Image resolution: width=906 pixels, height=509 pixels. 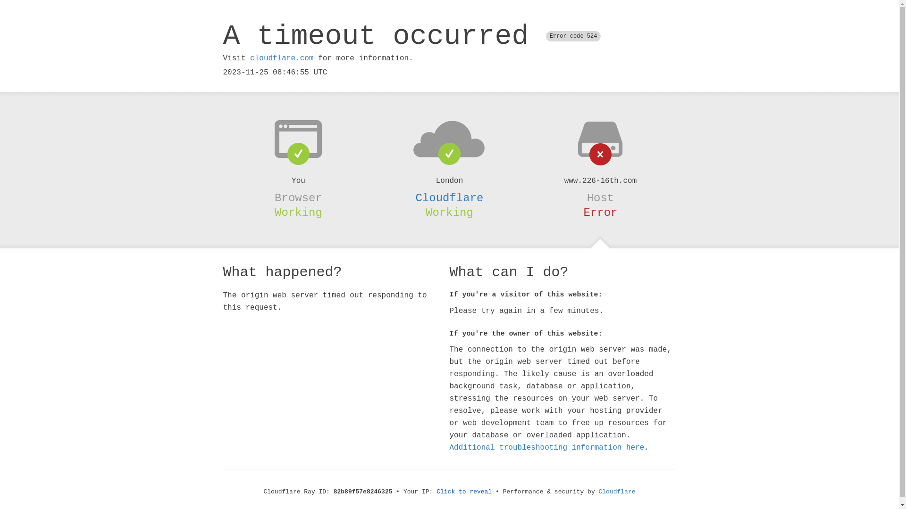 I want to click on 'Additional troubleshooting information here.', so click(x=548, y=447).